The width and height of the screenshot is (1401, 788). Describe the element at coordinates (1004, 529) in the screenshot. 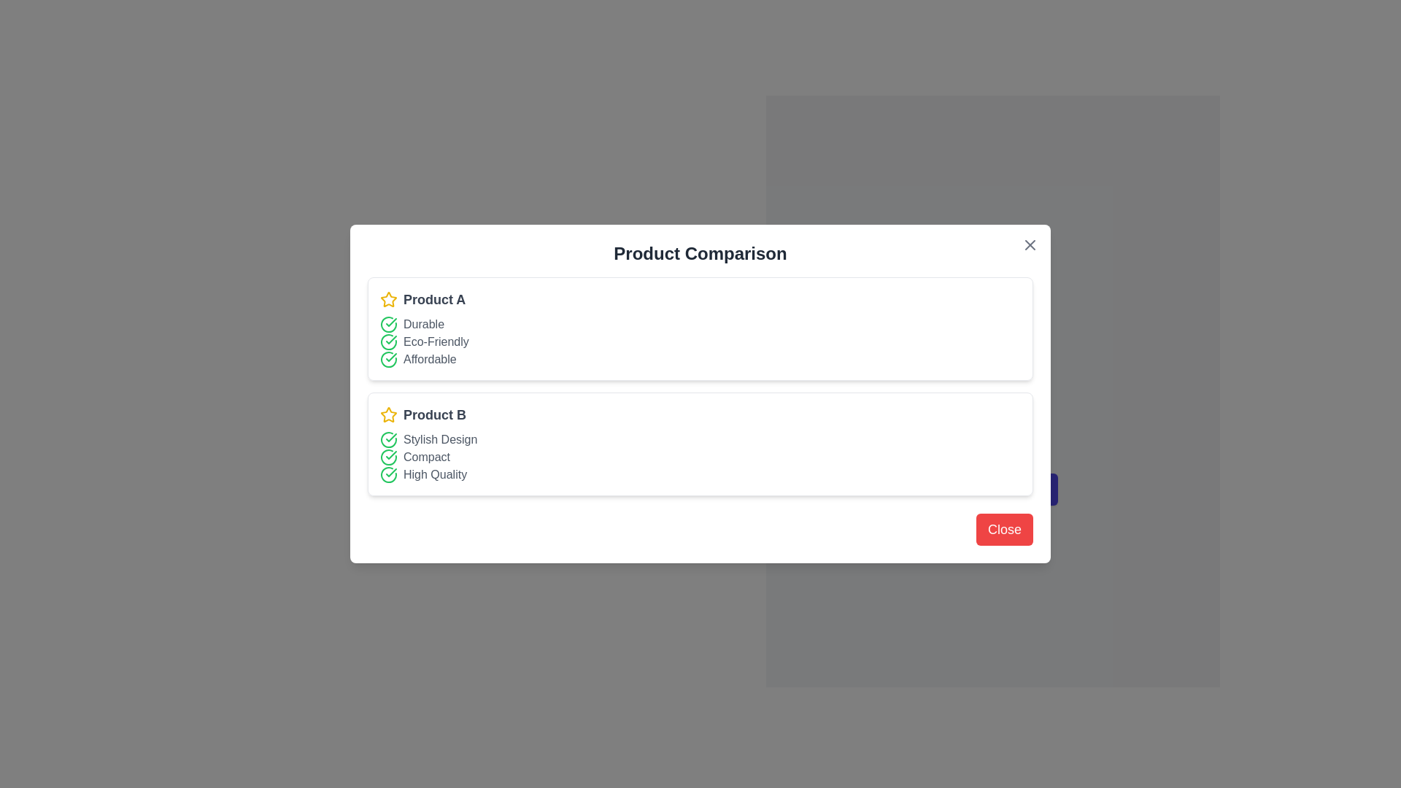

I see `the close button located at the bottom-right corner of the dialog box` at that location.